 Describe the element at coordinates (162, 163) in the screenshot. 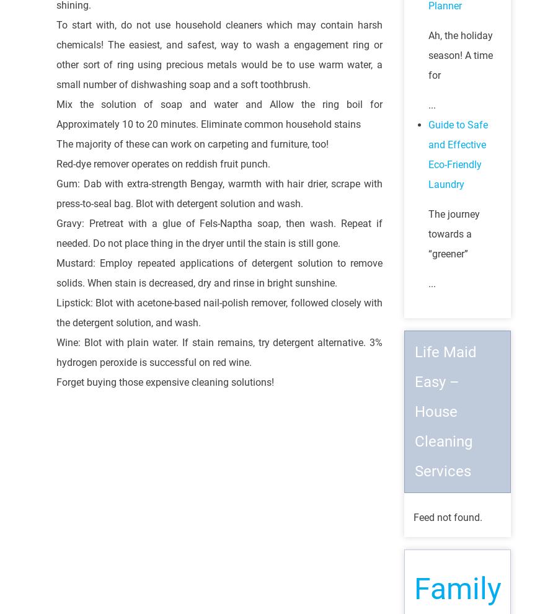

I see `'Red-dye remover operates on reddish fruit punch.'` at that location.